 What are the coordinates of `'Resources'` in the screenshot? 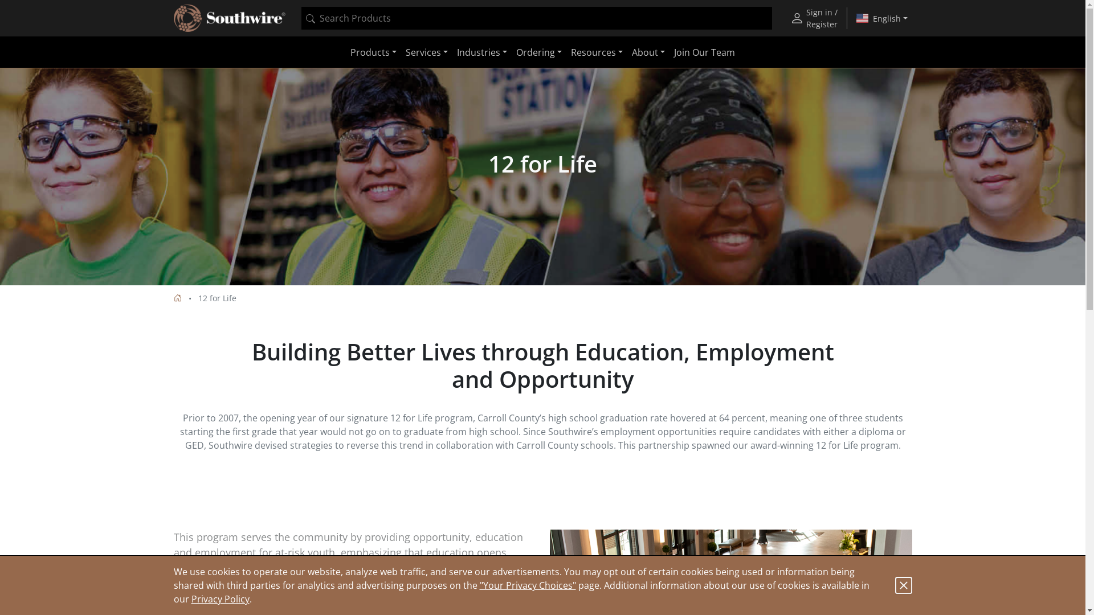 It's located at (566, 52).